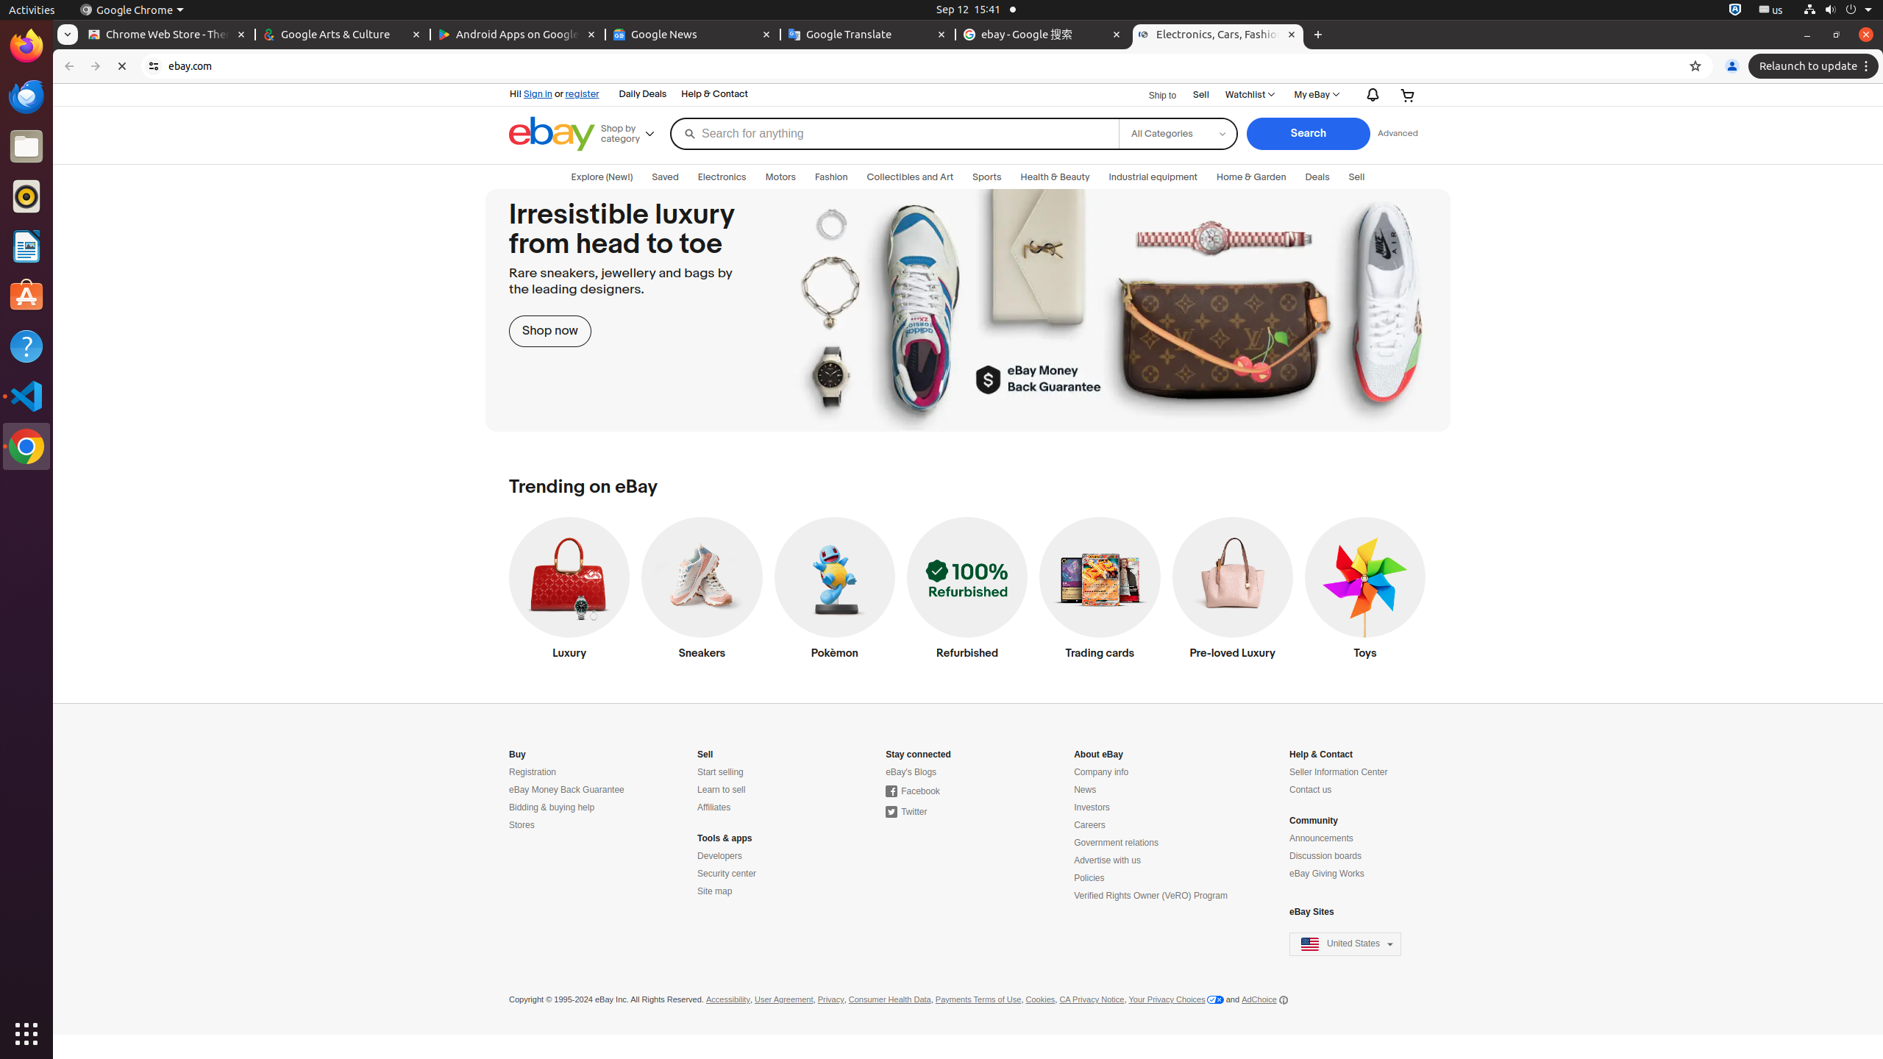  What do you see at coordinates (701, 591) in the screenshot?
I see `'Sneakers'` at bounding box center [701, 591].